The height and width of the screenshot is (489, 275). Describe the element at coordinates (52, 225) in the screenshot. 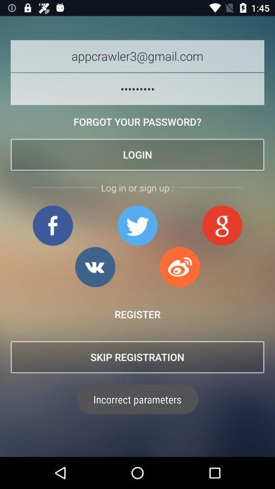

I see `facebook` at that location.